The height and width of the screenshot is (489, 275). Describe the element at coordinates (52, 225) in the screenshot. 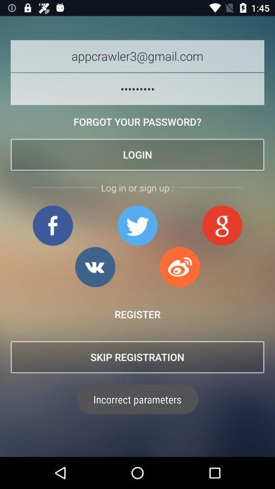

I see `facebook` at that location.